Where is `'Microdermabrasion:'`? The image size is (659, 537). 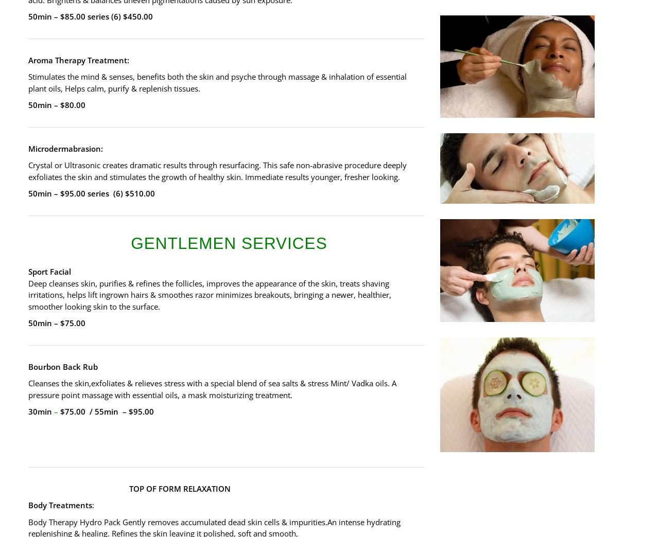 'Microdermabrasion:' is located at coordinates (65, 148).